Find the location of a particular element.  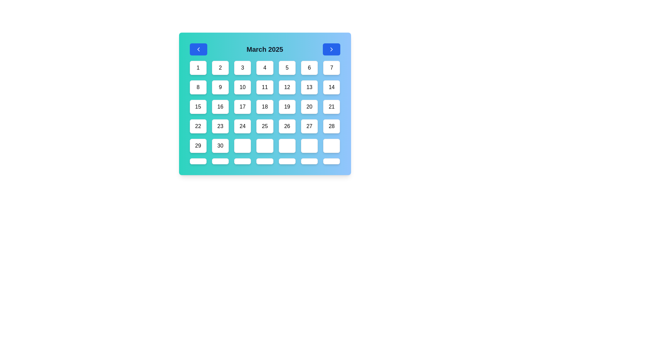

the small rectangular Textual information box displaying the number '20', located in the third row and sixth column of the calendar for March 2025 is located at coordinates (309, 106).